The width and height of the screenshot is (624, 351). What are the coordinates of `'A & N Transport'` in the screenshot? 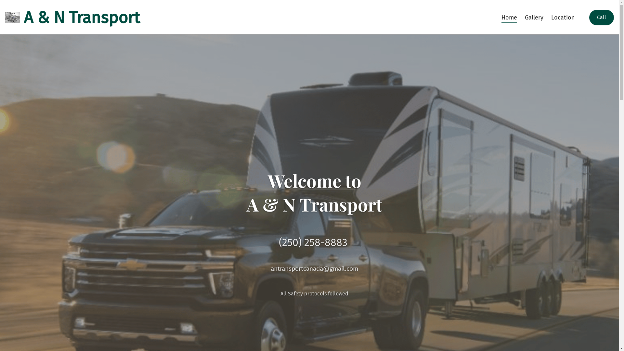 It's located at (72, 17).